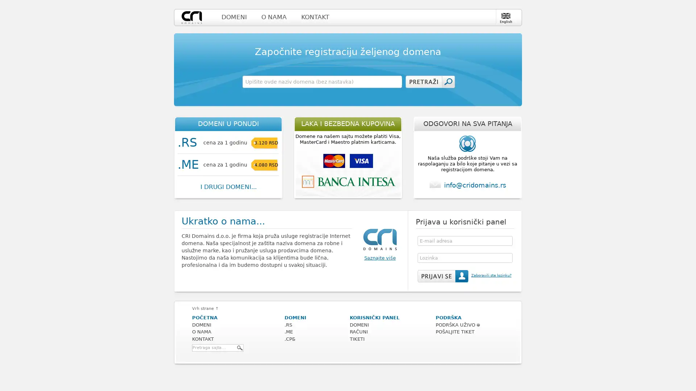  I want to click on Prijavi se, so click(443, 276).